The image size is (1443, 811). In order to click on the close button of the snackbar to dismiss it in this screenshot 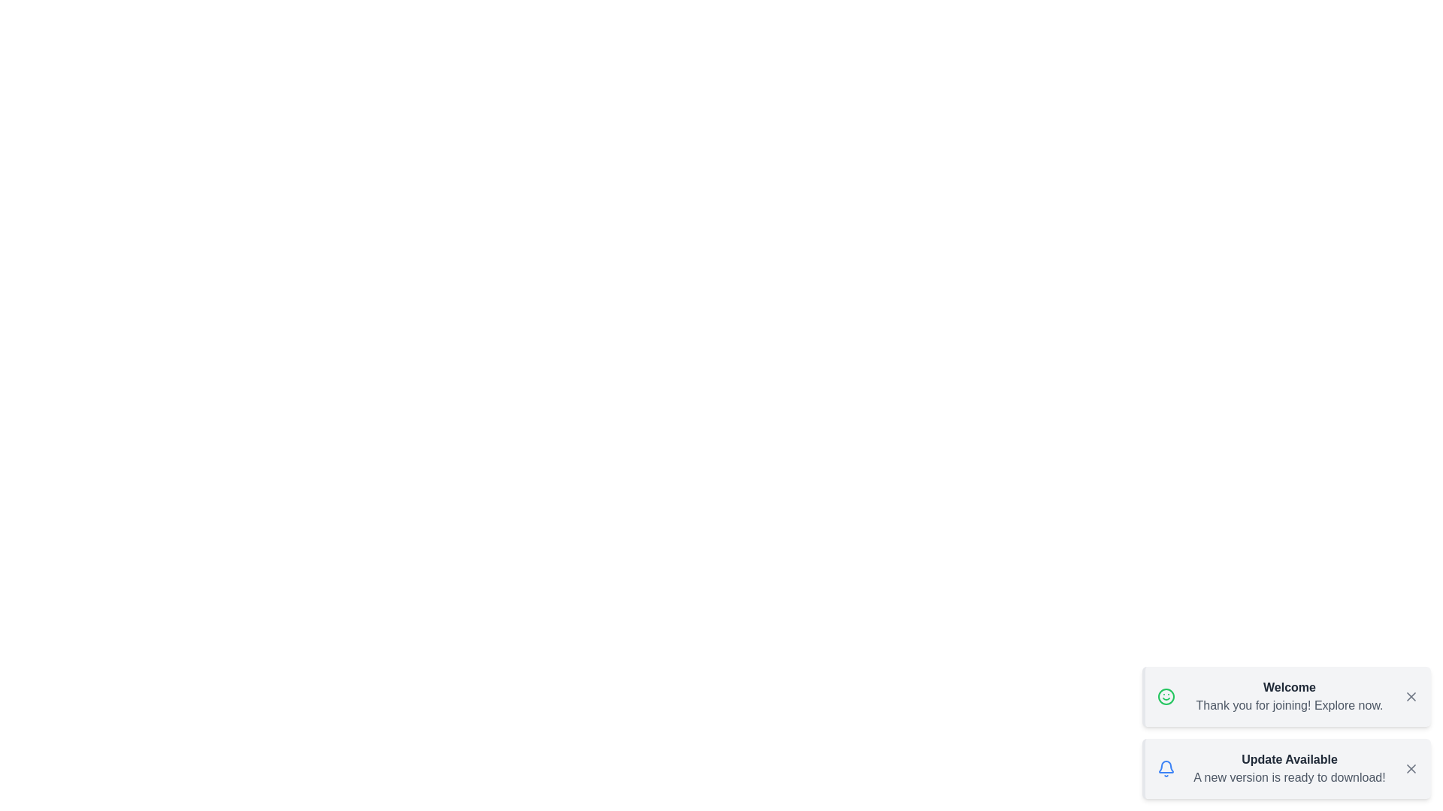, I will do `click(1410, 697)`.